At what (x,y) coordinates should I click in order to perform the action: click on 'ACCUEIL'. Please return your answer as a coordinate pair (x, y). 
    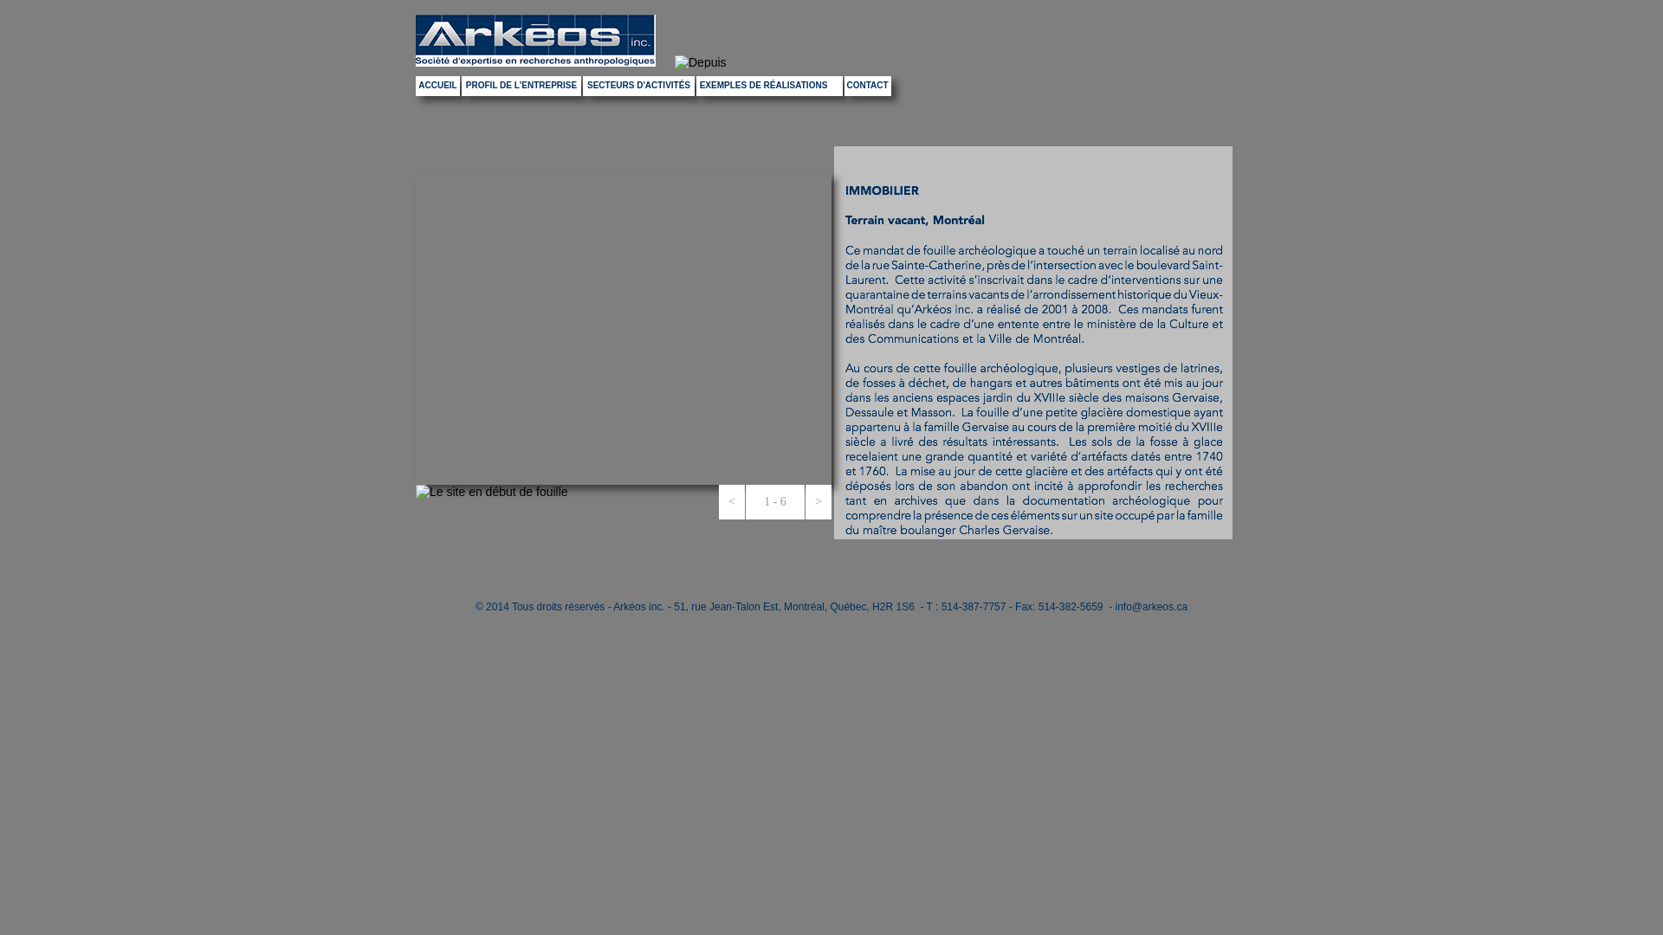
    Looking at the image, I should click on (437, 86).